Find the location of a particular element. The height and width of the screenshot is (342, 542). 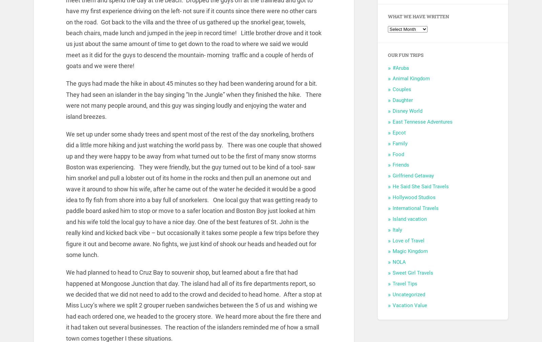

'NOLA' is located at coordinates (399, 262).